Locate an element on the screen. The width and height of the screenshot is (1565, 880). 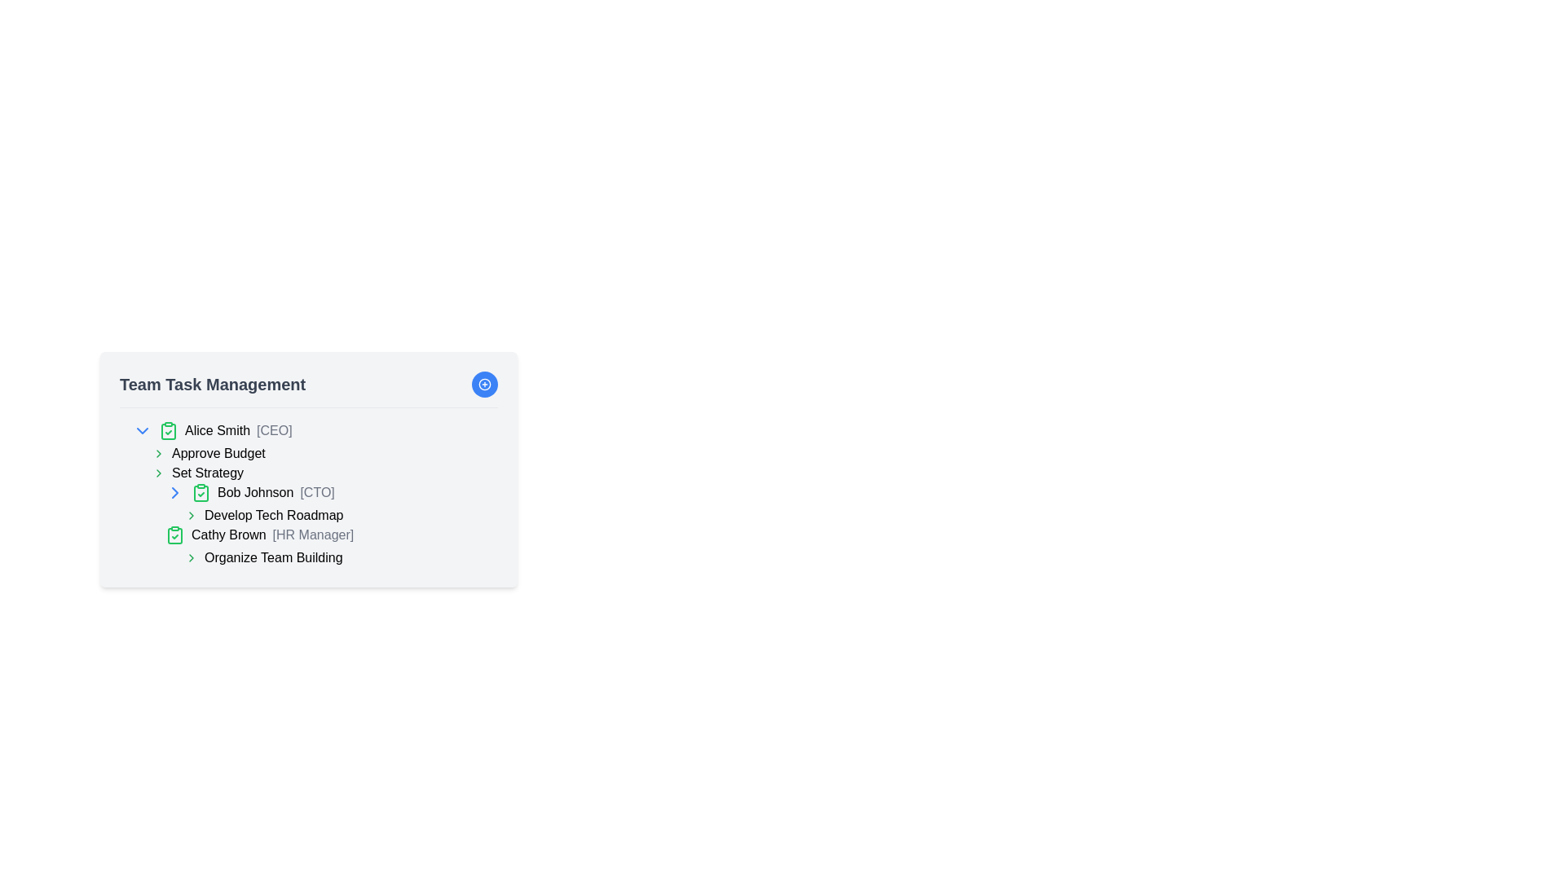
the green right-pointing chevron icon next to the 'Approve Budget' list item is located at coordinates (159, 453).